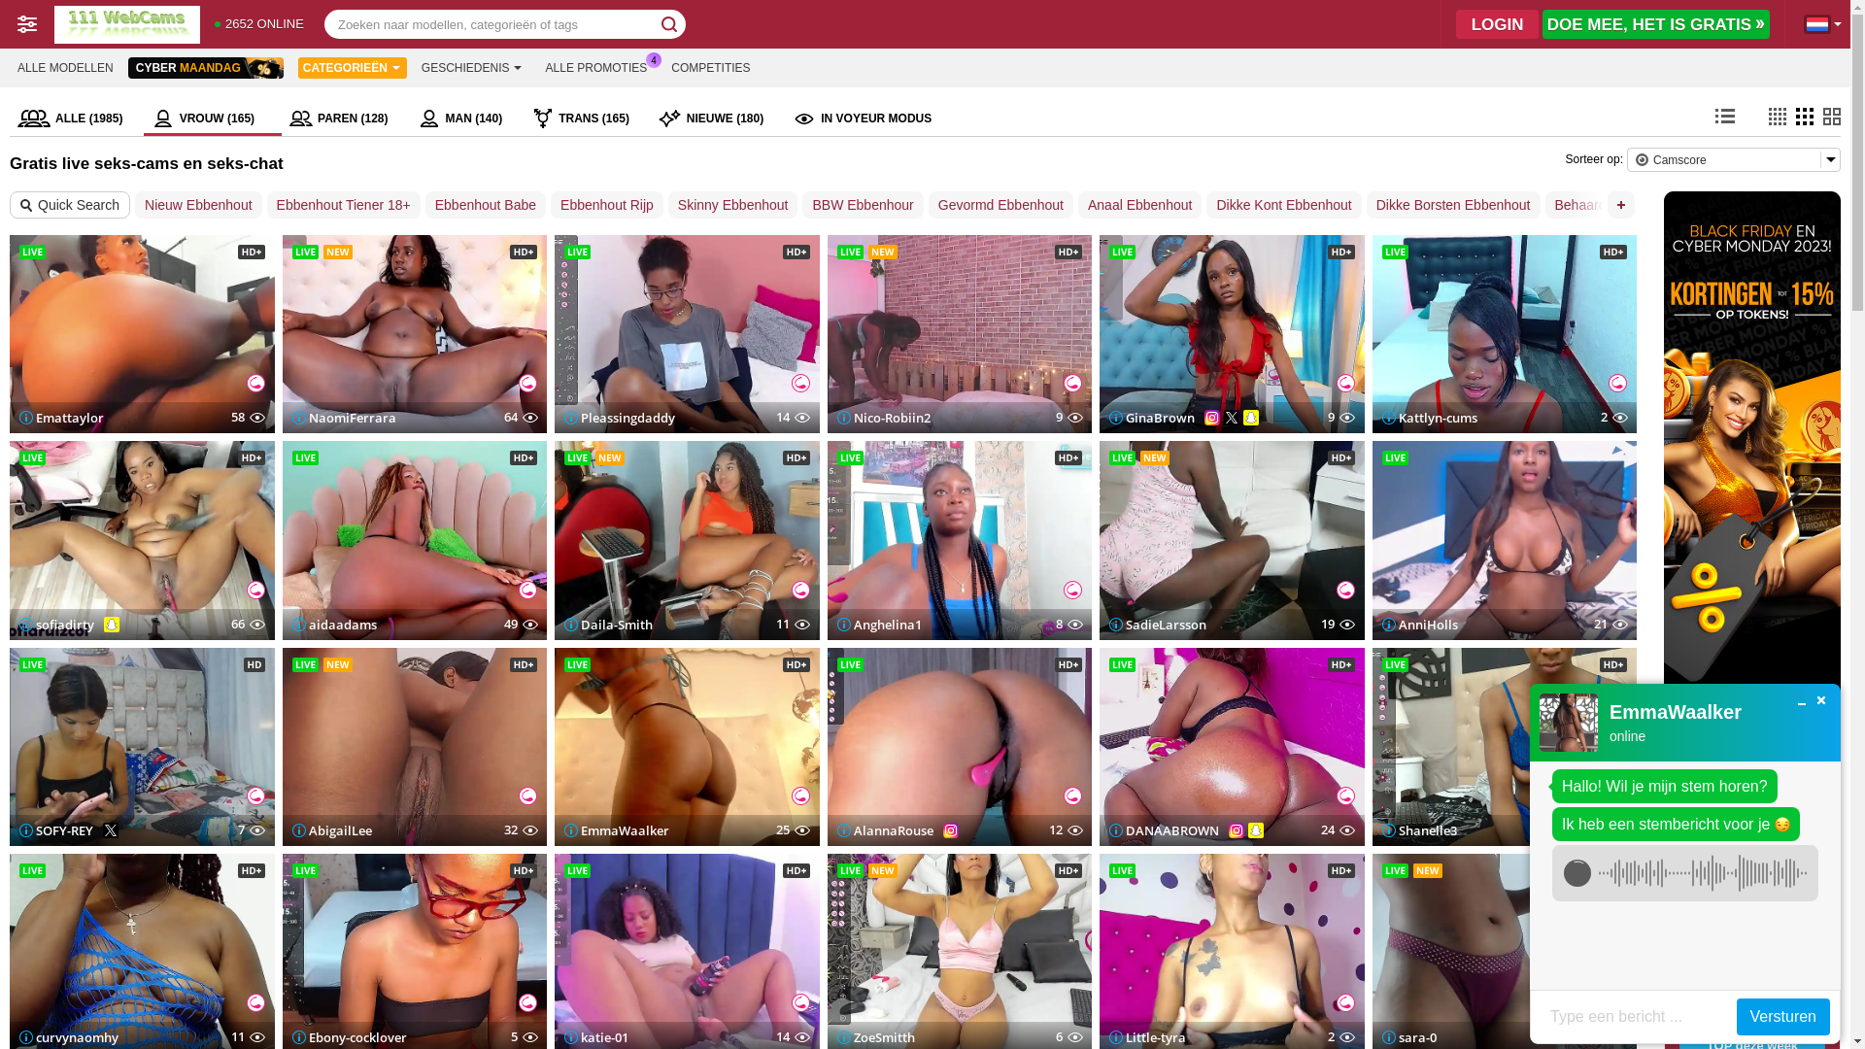 This screenshot has width=1865, height=1049. I want to click on 'Gevormd Ebbenhout', so click(1000, 205).